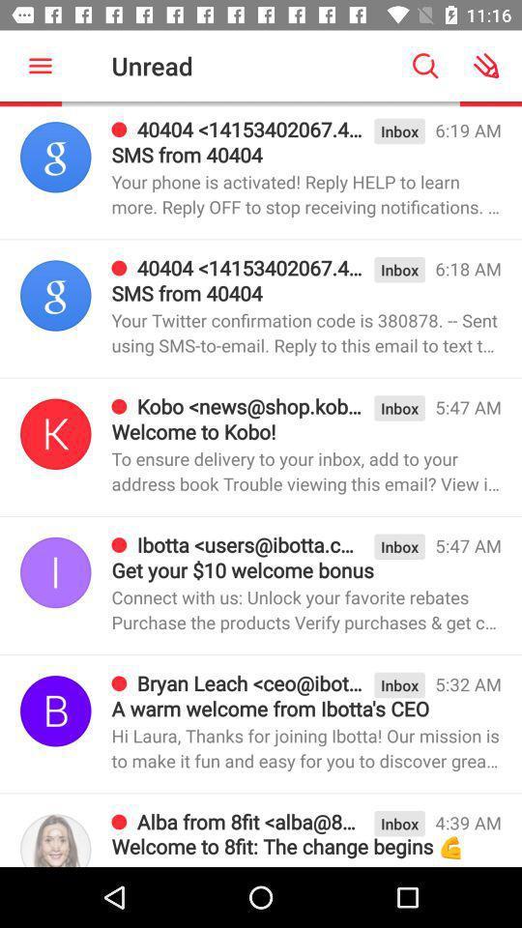 This screenshot has width=522, height=928. Describe the element at coordinates (55, 434) in the screenshot. I see `the skip_previous icon` at that location.